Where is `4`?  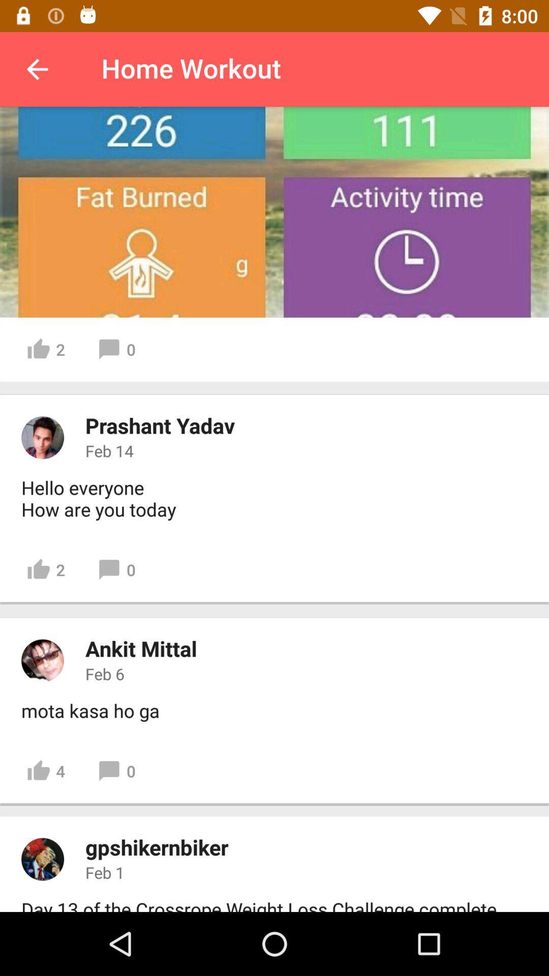
4 is located at coordinates (46, 771).